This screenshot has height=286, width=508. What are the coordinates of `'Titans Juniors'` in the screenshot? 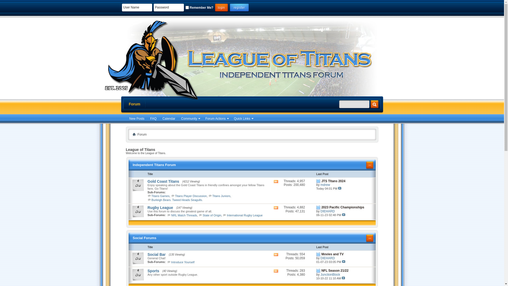 It's located at (221, 196).